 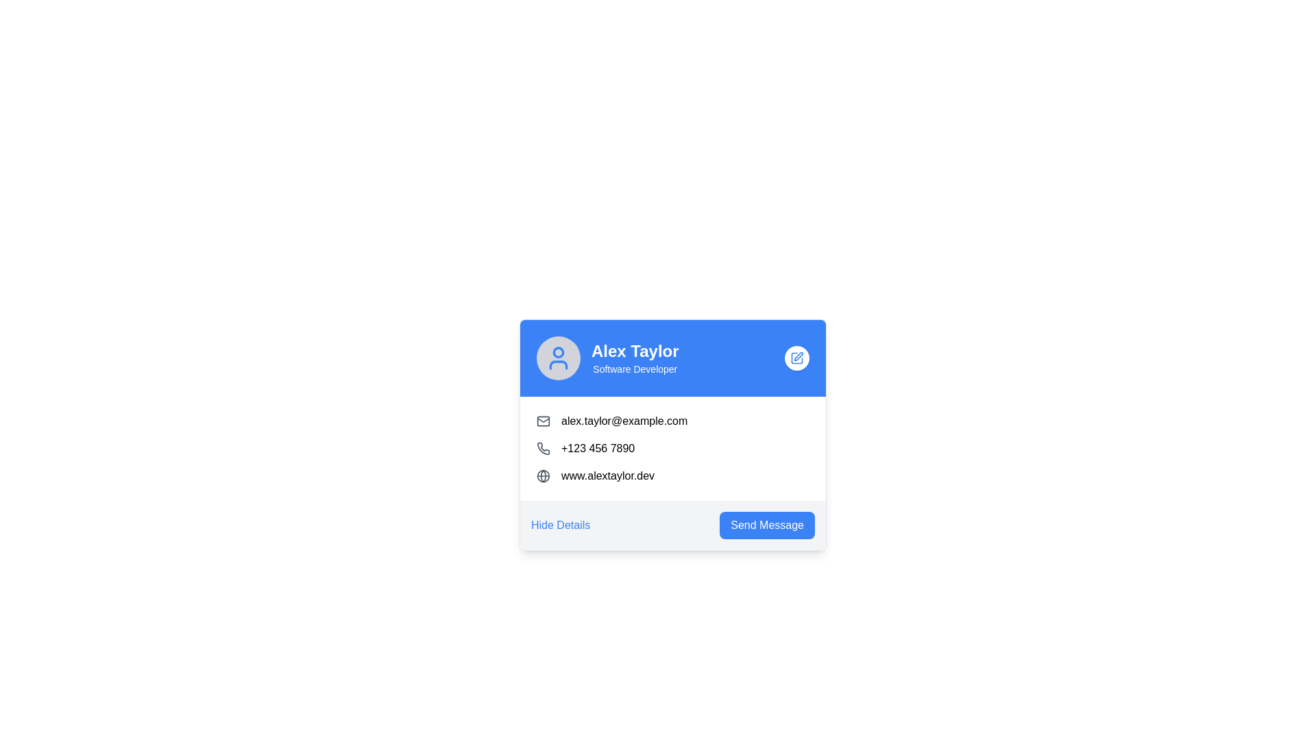 I want to click on the text label displaying the name of the person in the card interface, located in the top portion of the card, to the right of the avatar icon, so click(x=634, y=351).